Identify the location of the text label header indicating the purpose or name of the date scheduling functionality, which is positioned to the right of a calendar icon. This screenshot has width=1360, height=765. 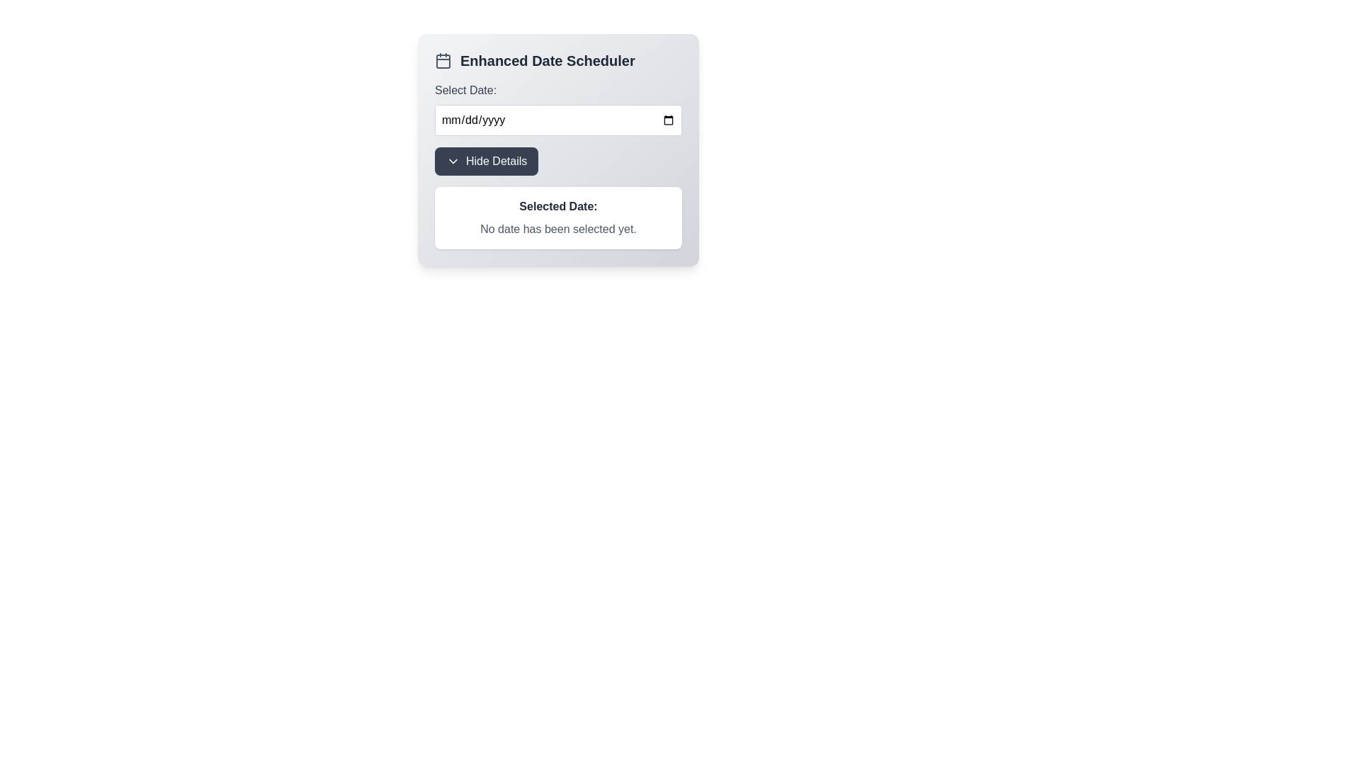
(547, 59).